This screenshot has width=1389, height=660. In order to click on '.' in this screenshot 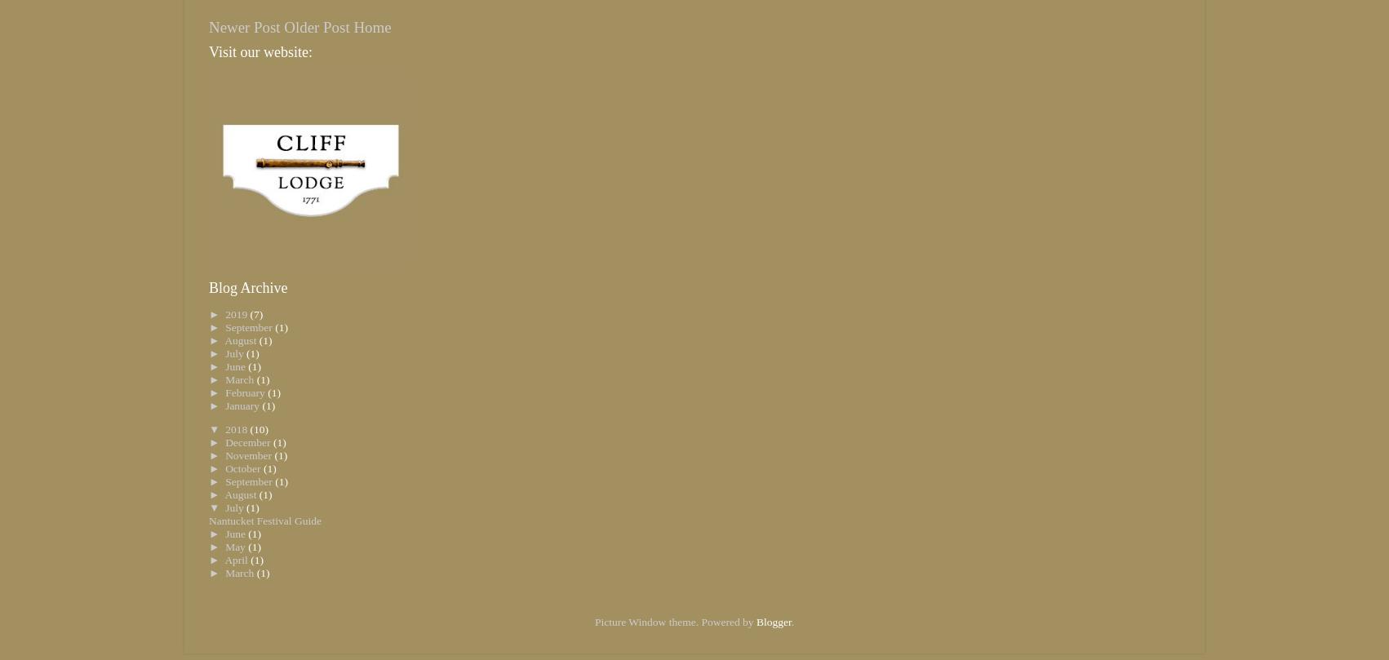, I will do `click(792, 620)`.